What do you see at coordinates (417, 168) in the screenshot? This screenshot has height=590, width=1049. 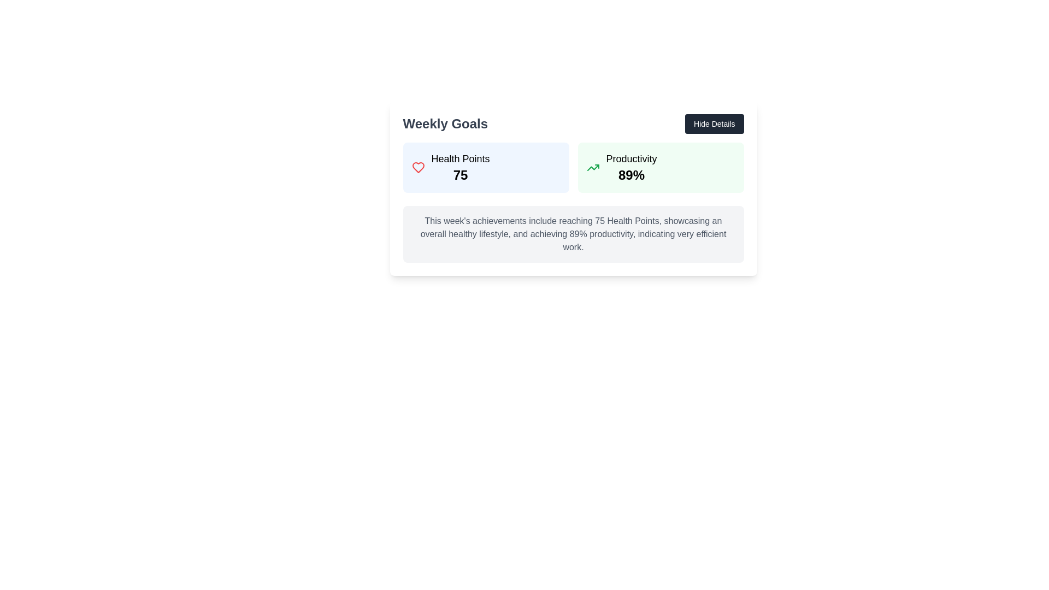 I see `the heart-shaped health icon outlined in red, which is located to the left of the 'Health Points' text and above the number '75' in the blue shaded card under the 'Weekly Goals' section` at bounding box center [417, 168].